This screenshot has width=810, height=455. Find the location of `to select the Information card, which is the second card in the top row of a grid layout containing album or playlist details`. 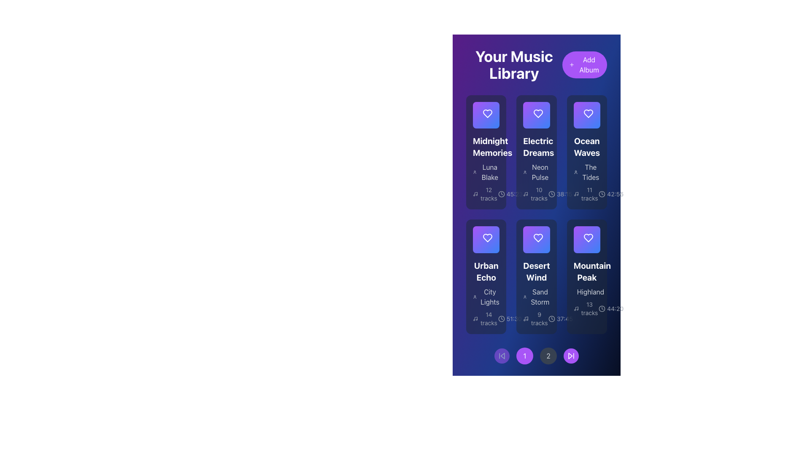

to select the Information card, which is the second card in the top row of a grid layout containing album or playlist details is located at coordinates (536, 152).